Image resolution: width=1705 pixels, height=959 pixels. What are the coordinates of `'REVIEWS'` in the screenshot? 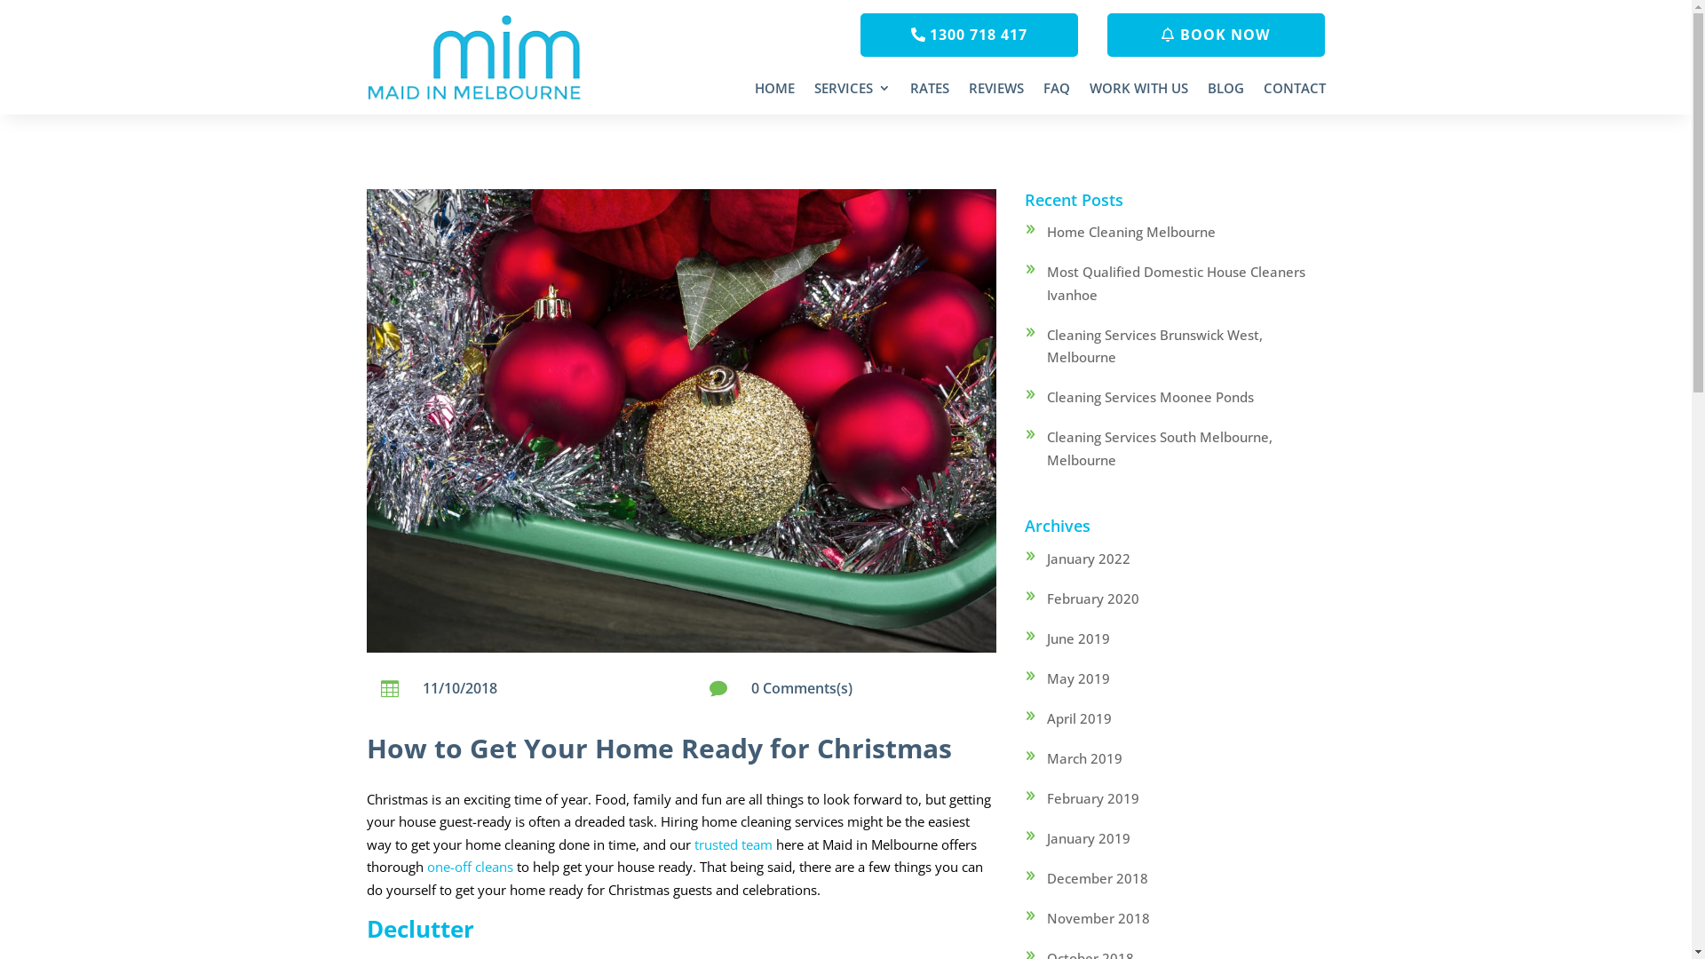 It's located at (966, 91).